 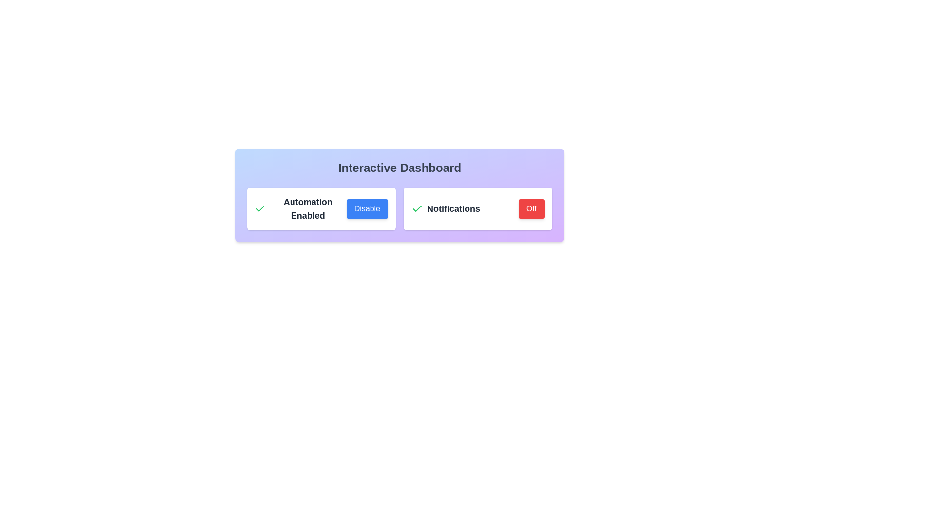 What do you see at coordinates (367, 208) in the screenshot?
I see `'Disable' button to toggle the 'Automation Enabled' state` at bounding box center [367, 208].